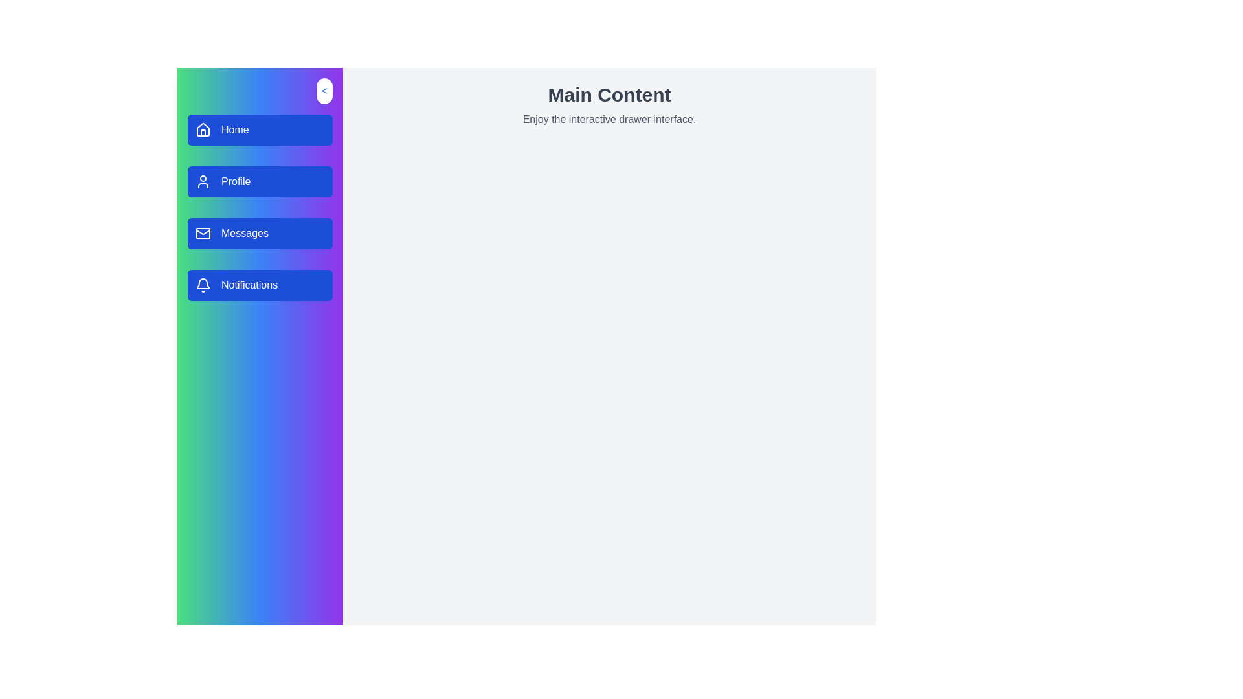 The width and height of the screenshot is (1243, 699). What do you see at coordinates (260, 206) in the screenshot?
I see `the 'Profile' button in the navigation menu, which is positioned centrally in the sidebar as the second item below the 'Home' button` at bounding box center [260, 206].